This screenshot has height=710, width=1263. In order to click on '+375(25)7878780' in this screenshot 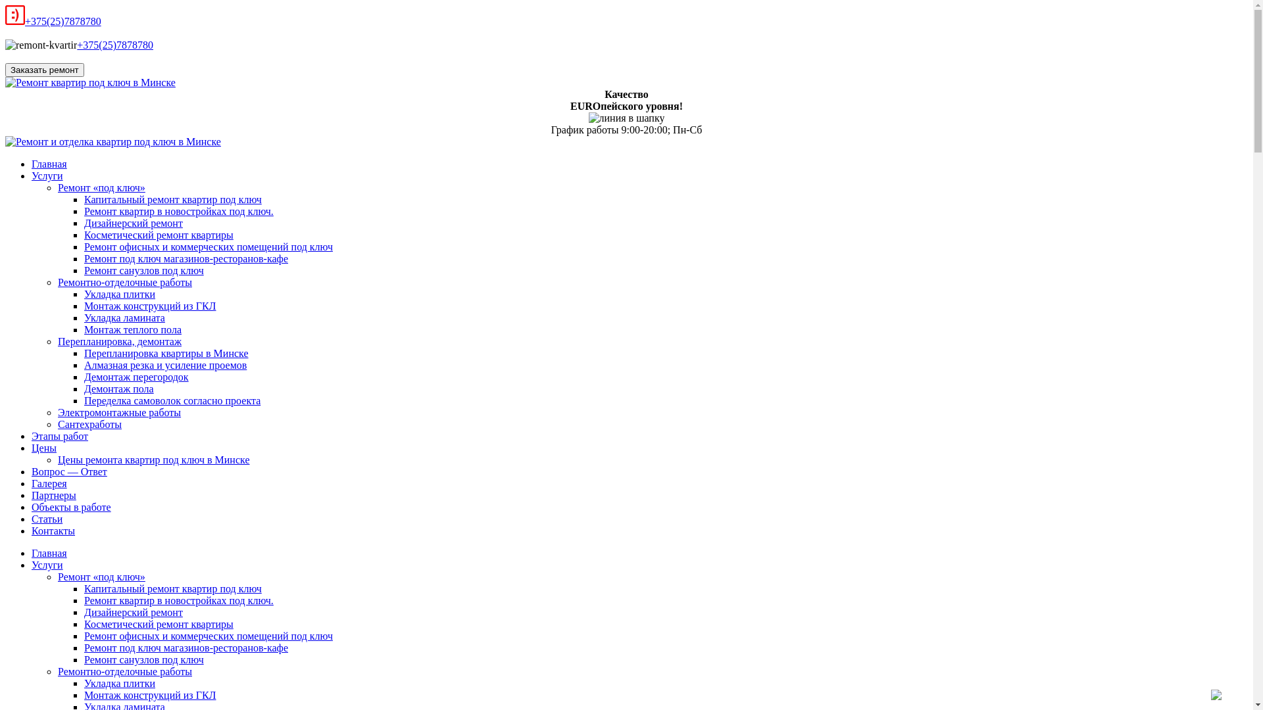, I will do `click(62, 21)`.